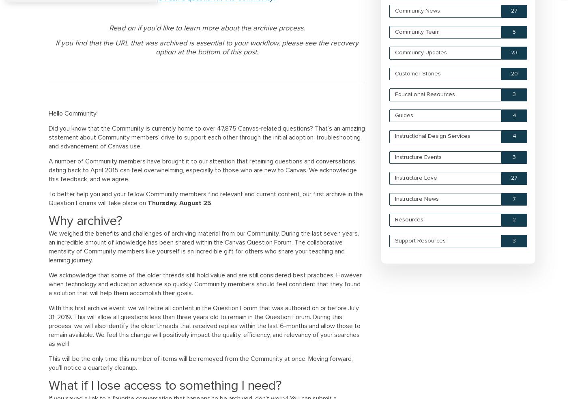  What do you see at coordinates (417, 31) in the screenshot?
I see `'Community Team'` at bounding box center [417, 31].